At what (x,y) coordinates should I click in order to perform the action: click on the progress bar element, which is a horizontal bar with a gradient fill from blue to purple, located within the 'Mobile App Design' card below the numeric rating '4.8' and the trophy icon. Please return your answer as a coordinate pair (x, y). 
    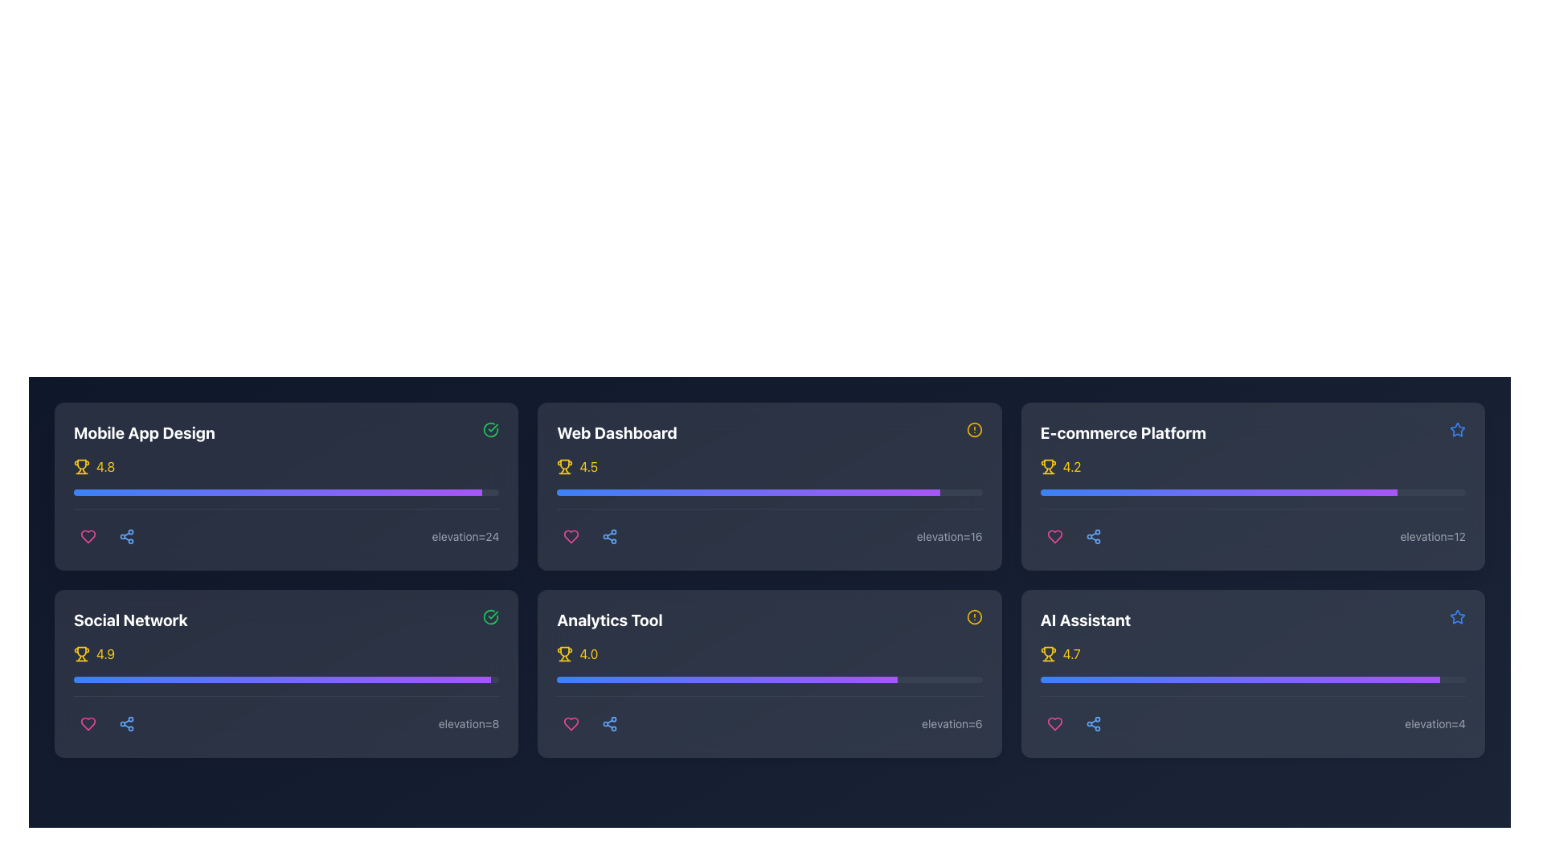
    Looking at the image, I should click on (286, 492).